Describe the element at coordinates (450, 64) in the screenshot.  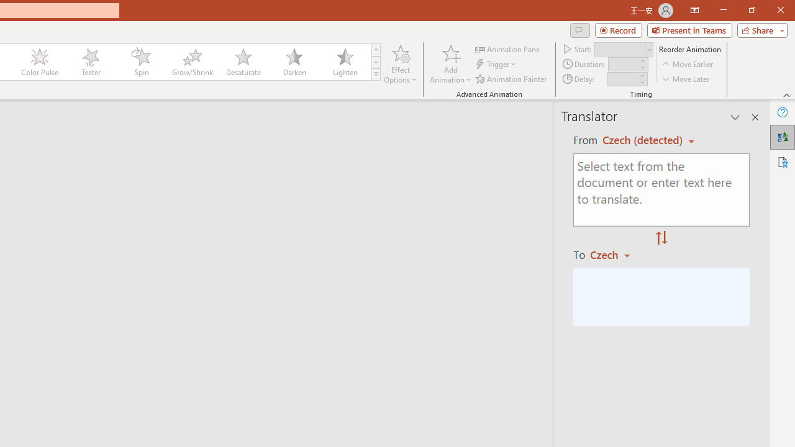
I see `'Add Animation'` at that location.